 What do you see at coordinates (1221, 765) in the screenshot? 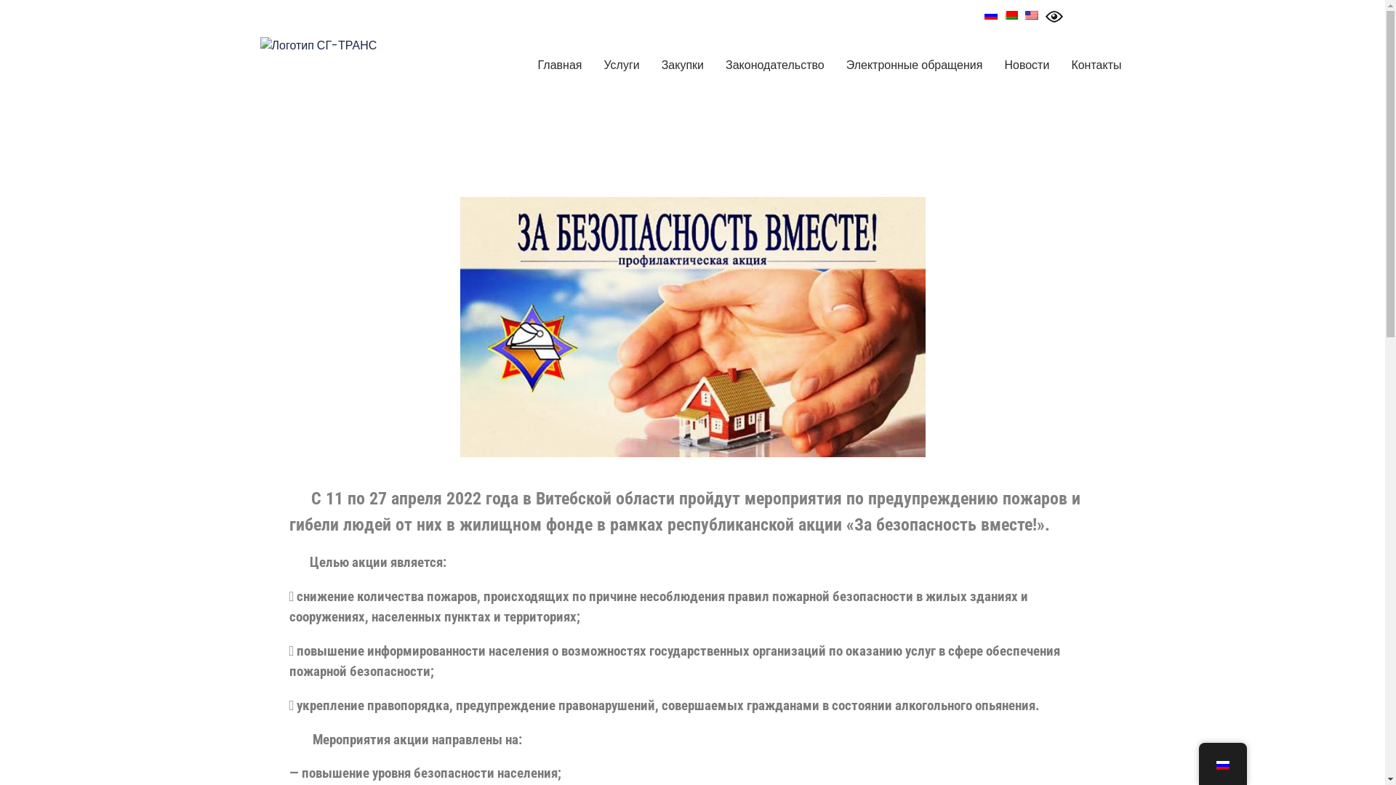
I see `'Russian'` at bounding box center [1221, 765].